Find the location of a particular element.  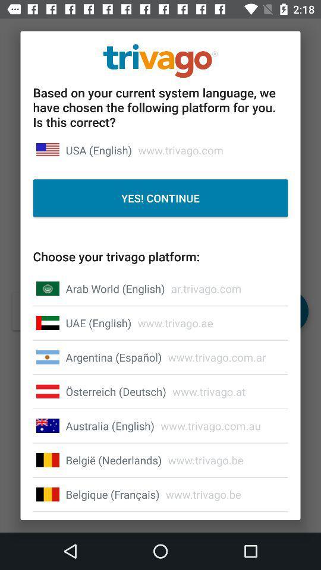

arab world (english) icon is located at coordinates (115, 288).